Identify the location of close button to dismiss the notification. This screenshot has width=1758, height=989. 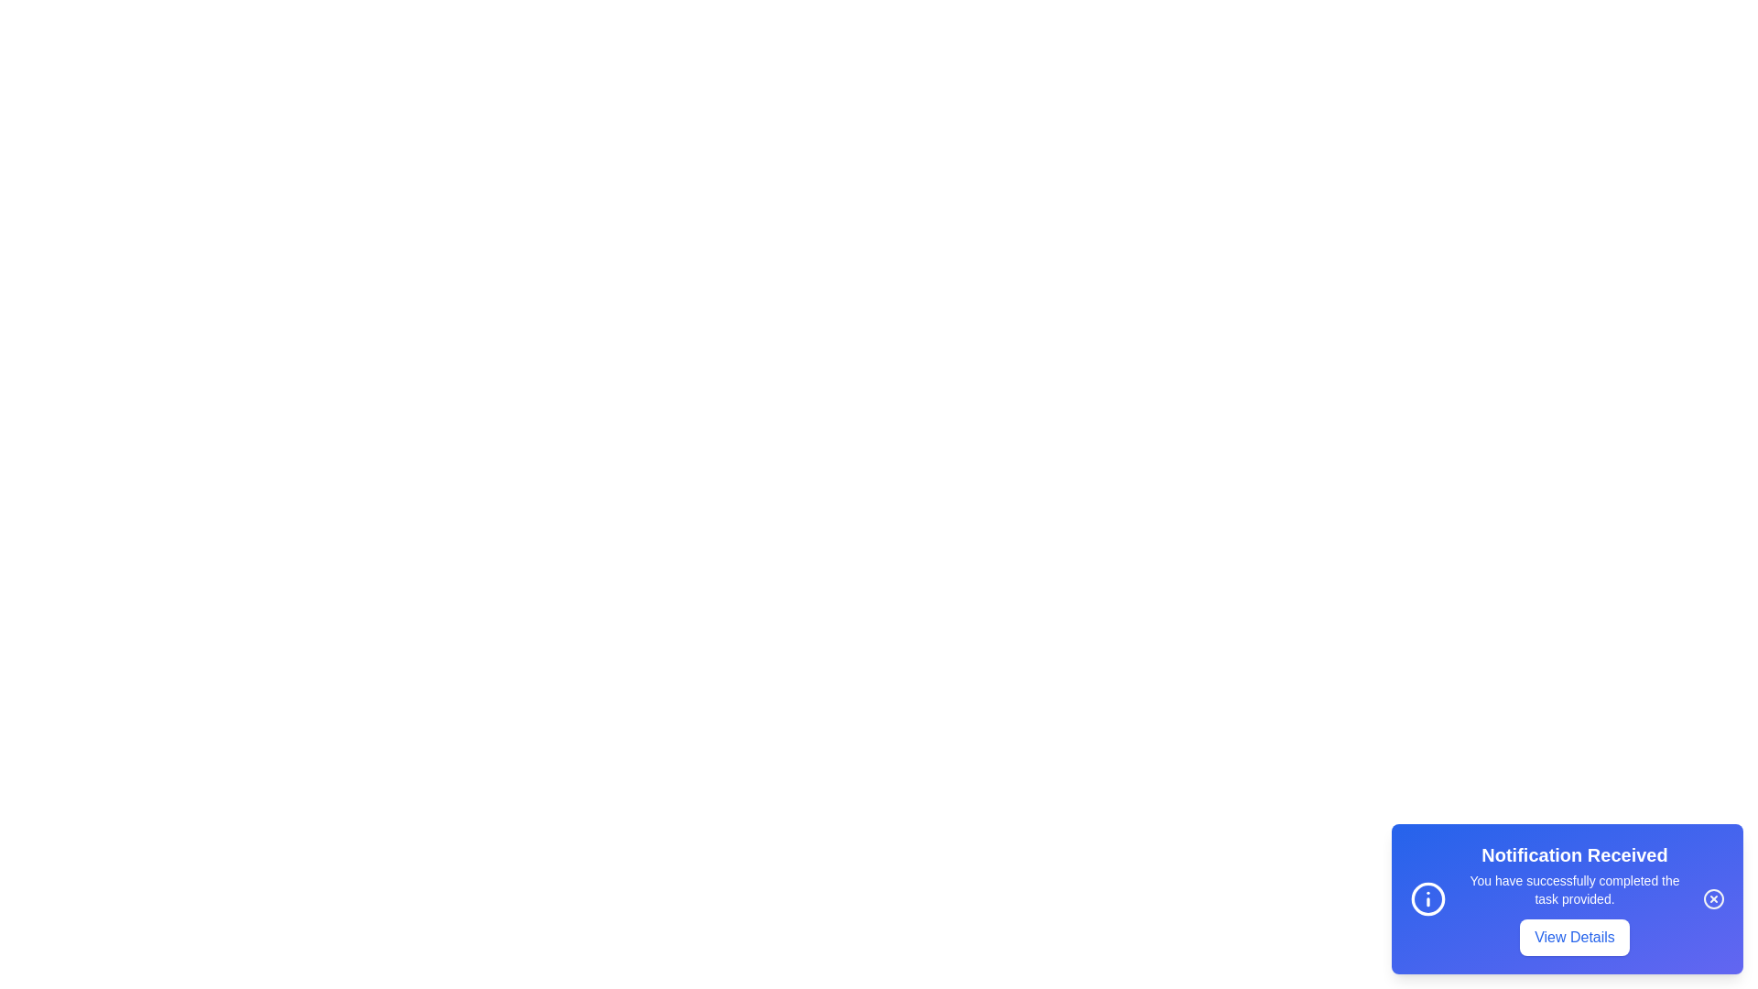
(1713, 898).